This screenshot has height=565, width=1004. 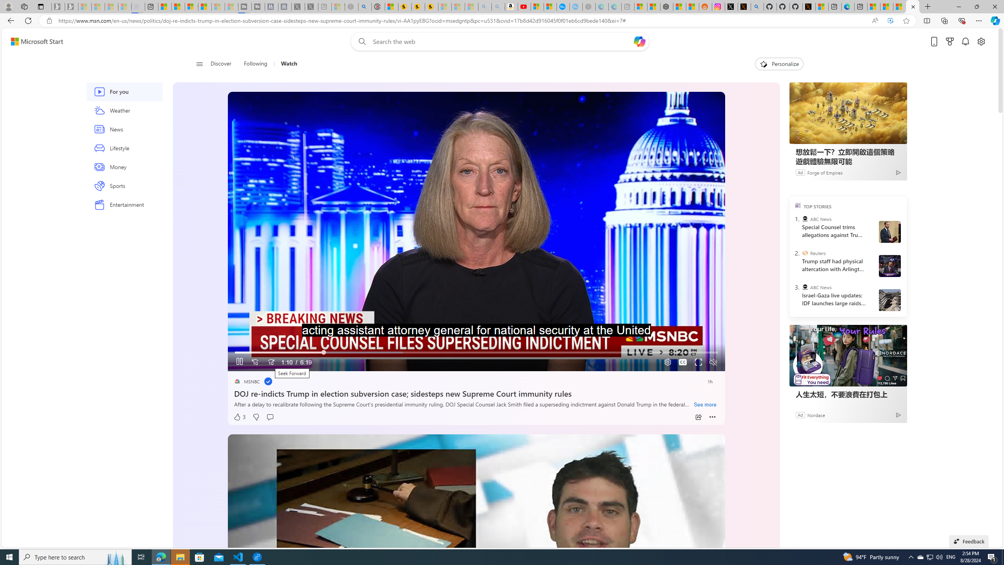 What do you see at coordinates (713, 417) in the screenshot?
I see `'More'` at bounding box center [713, 417].